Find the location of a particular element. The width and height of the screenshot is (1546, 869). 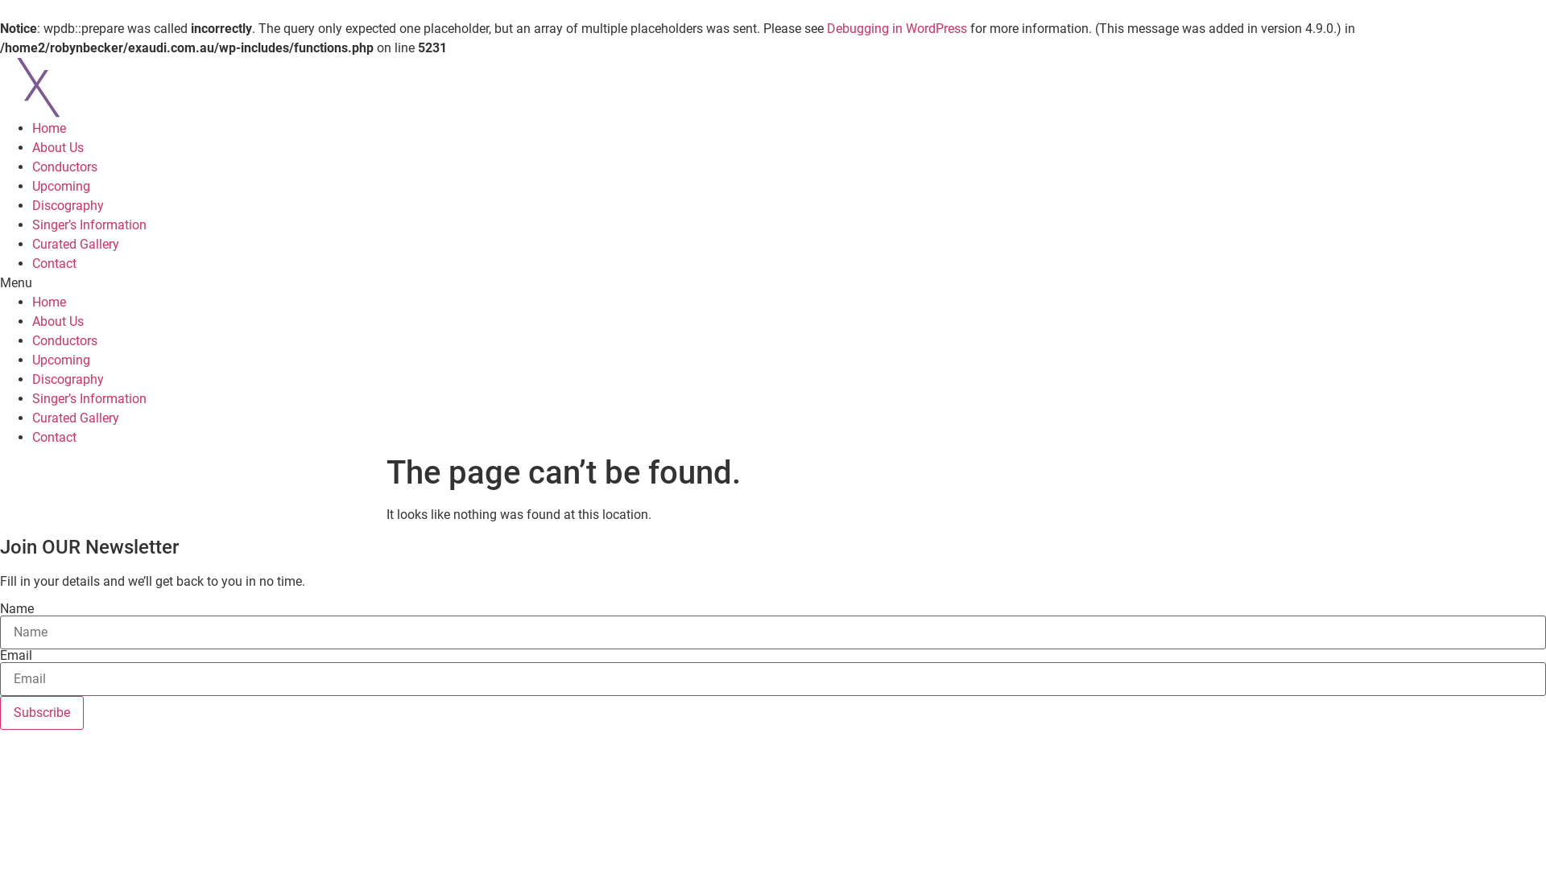

'Subscribe' is located at coordinates (42, 712).